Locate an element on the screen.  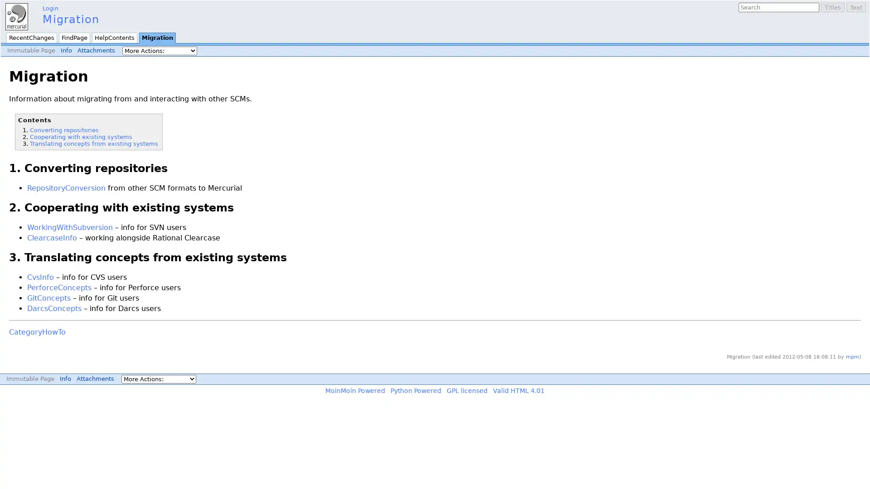
Text is located at coordinates (855, 7).